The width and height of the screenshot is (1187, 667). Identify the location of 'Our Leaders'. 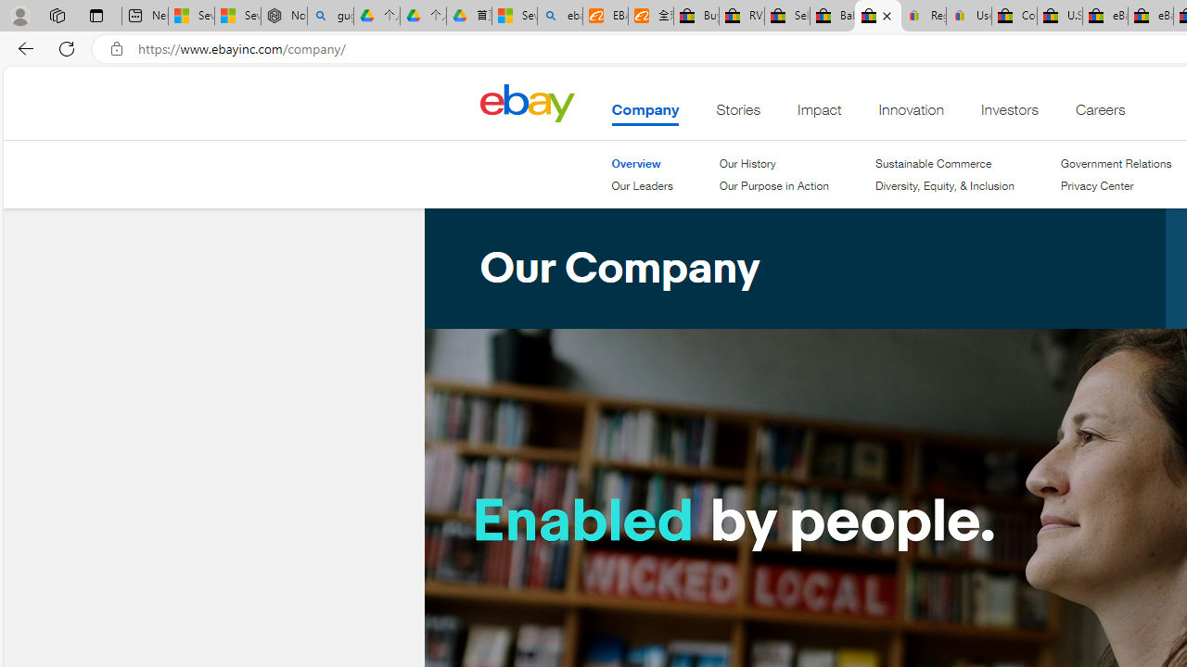
(642, 185).